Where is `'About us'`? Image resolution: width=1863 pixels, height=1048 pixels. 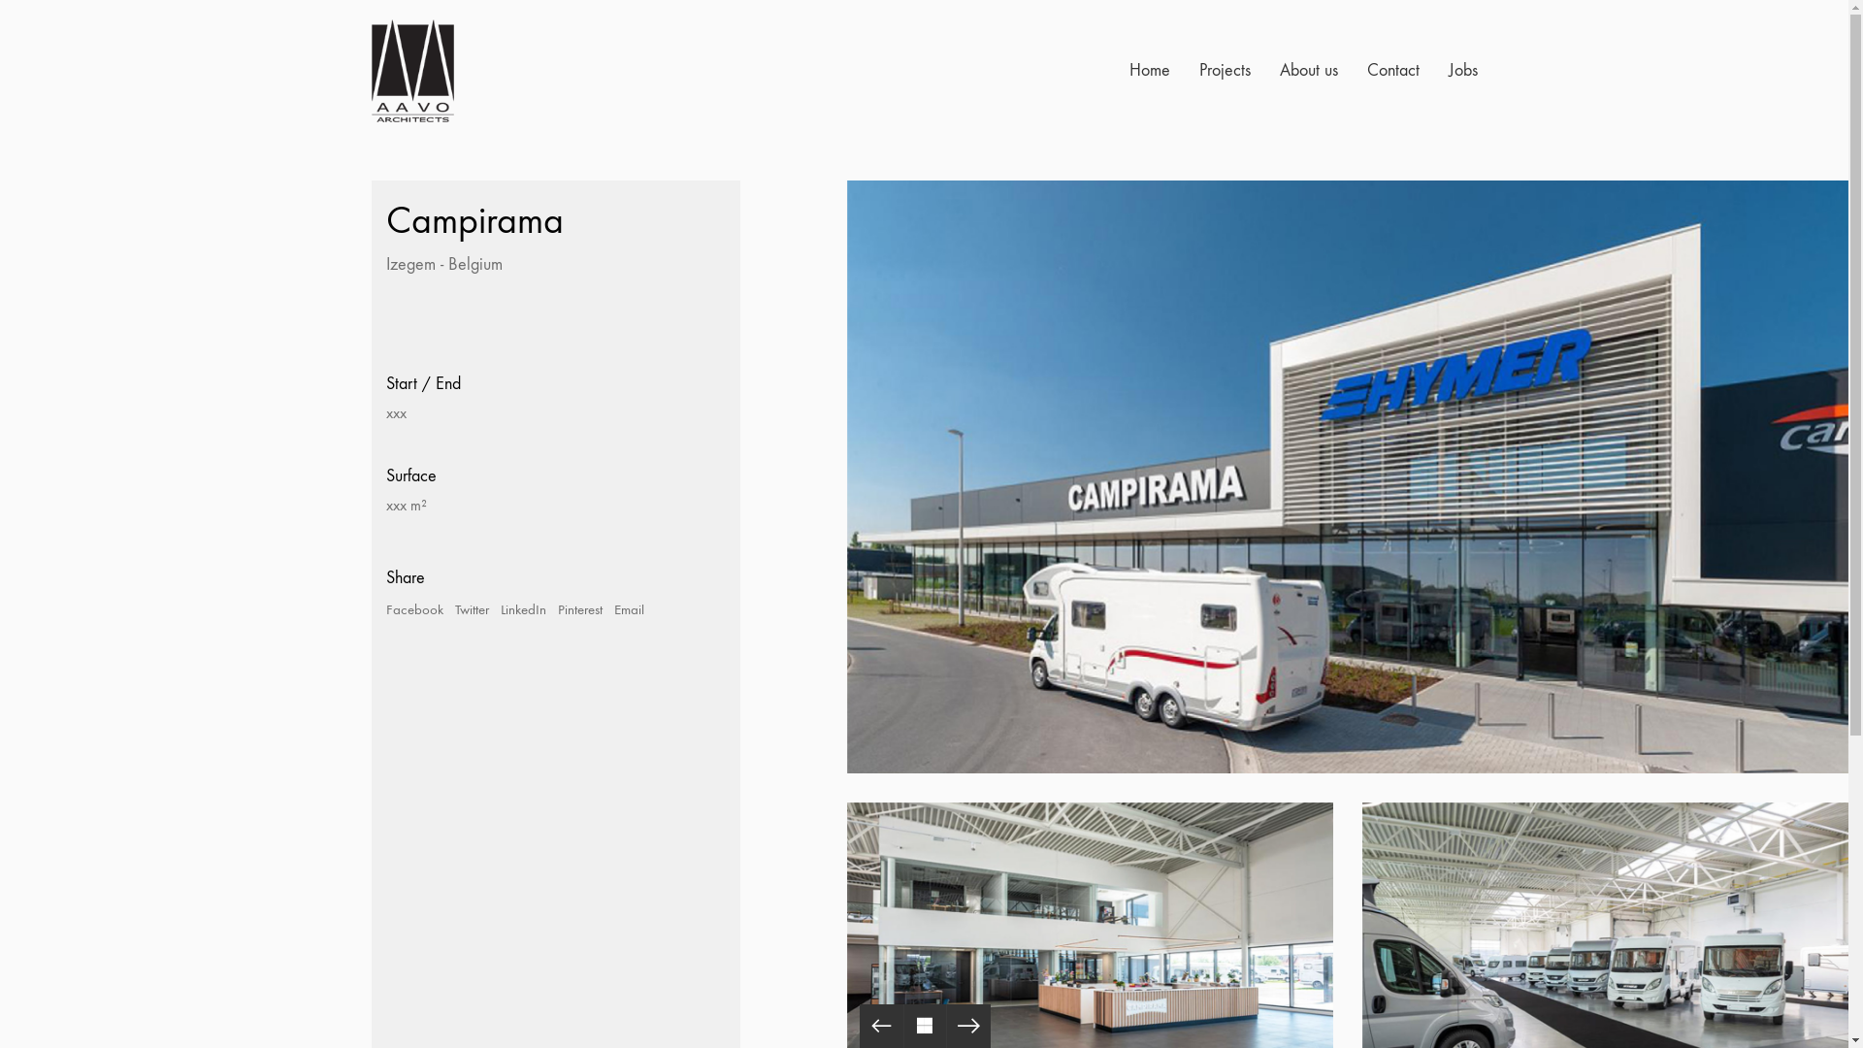
'About us' is located at coordinates (1279, 70).